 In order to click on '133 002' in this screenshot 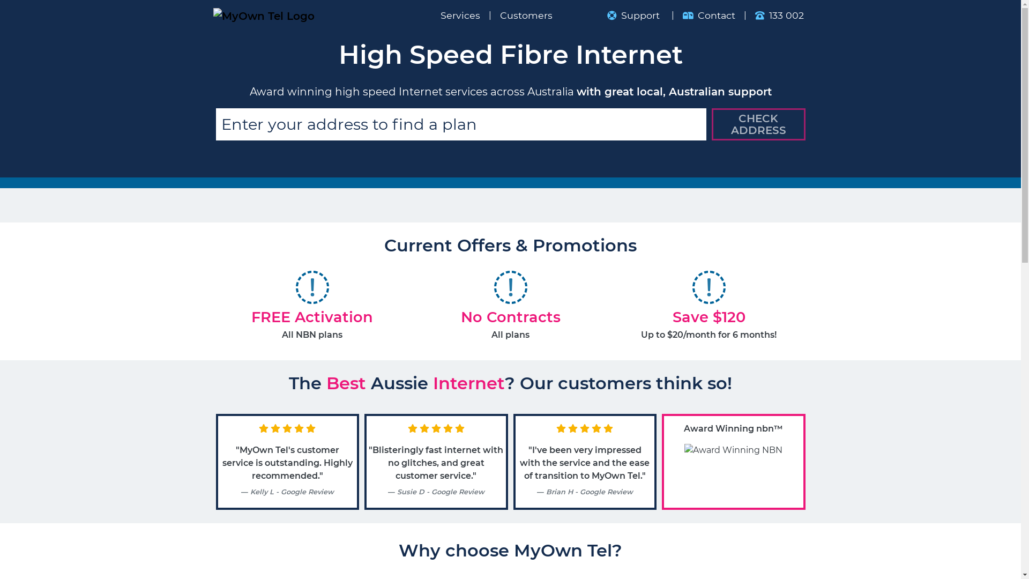, I will do `click(779, 16)`.